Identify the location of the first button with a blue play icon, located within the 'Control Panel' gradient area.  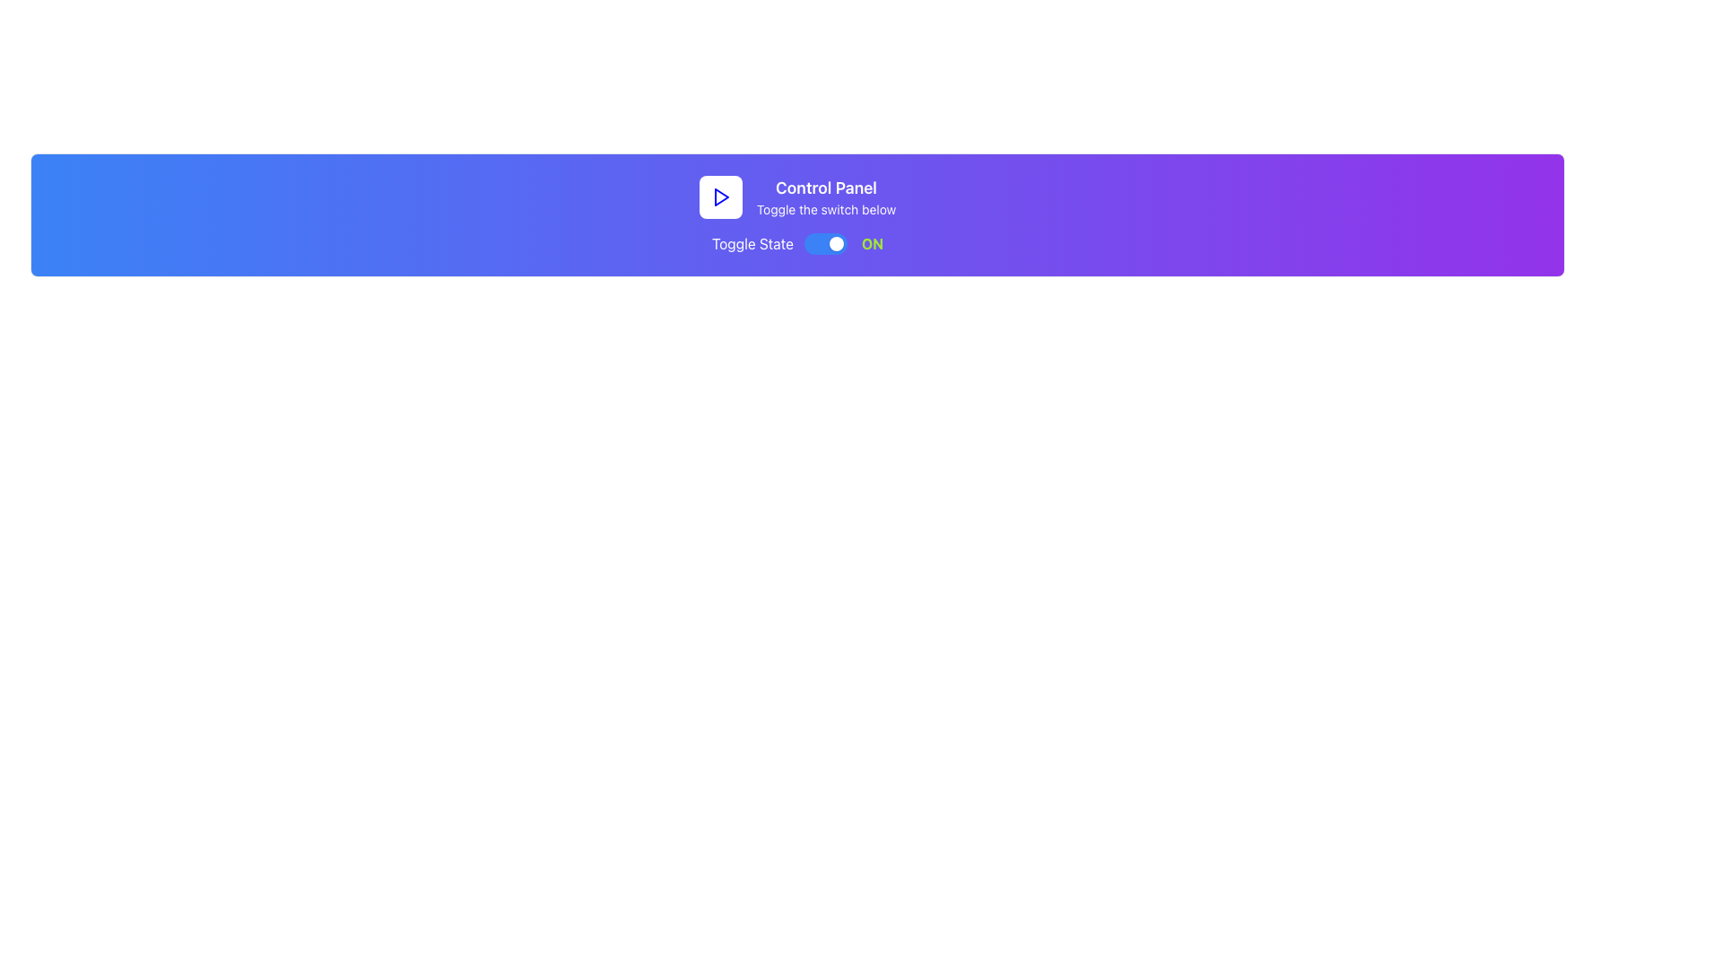
(720, 196).